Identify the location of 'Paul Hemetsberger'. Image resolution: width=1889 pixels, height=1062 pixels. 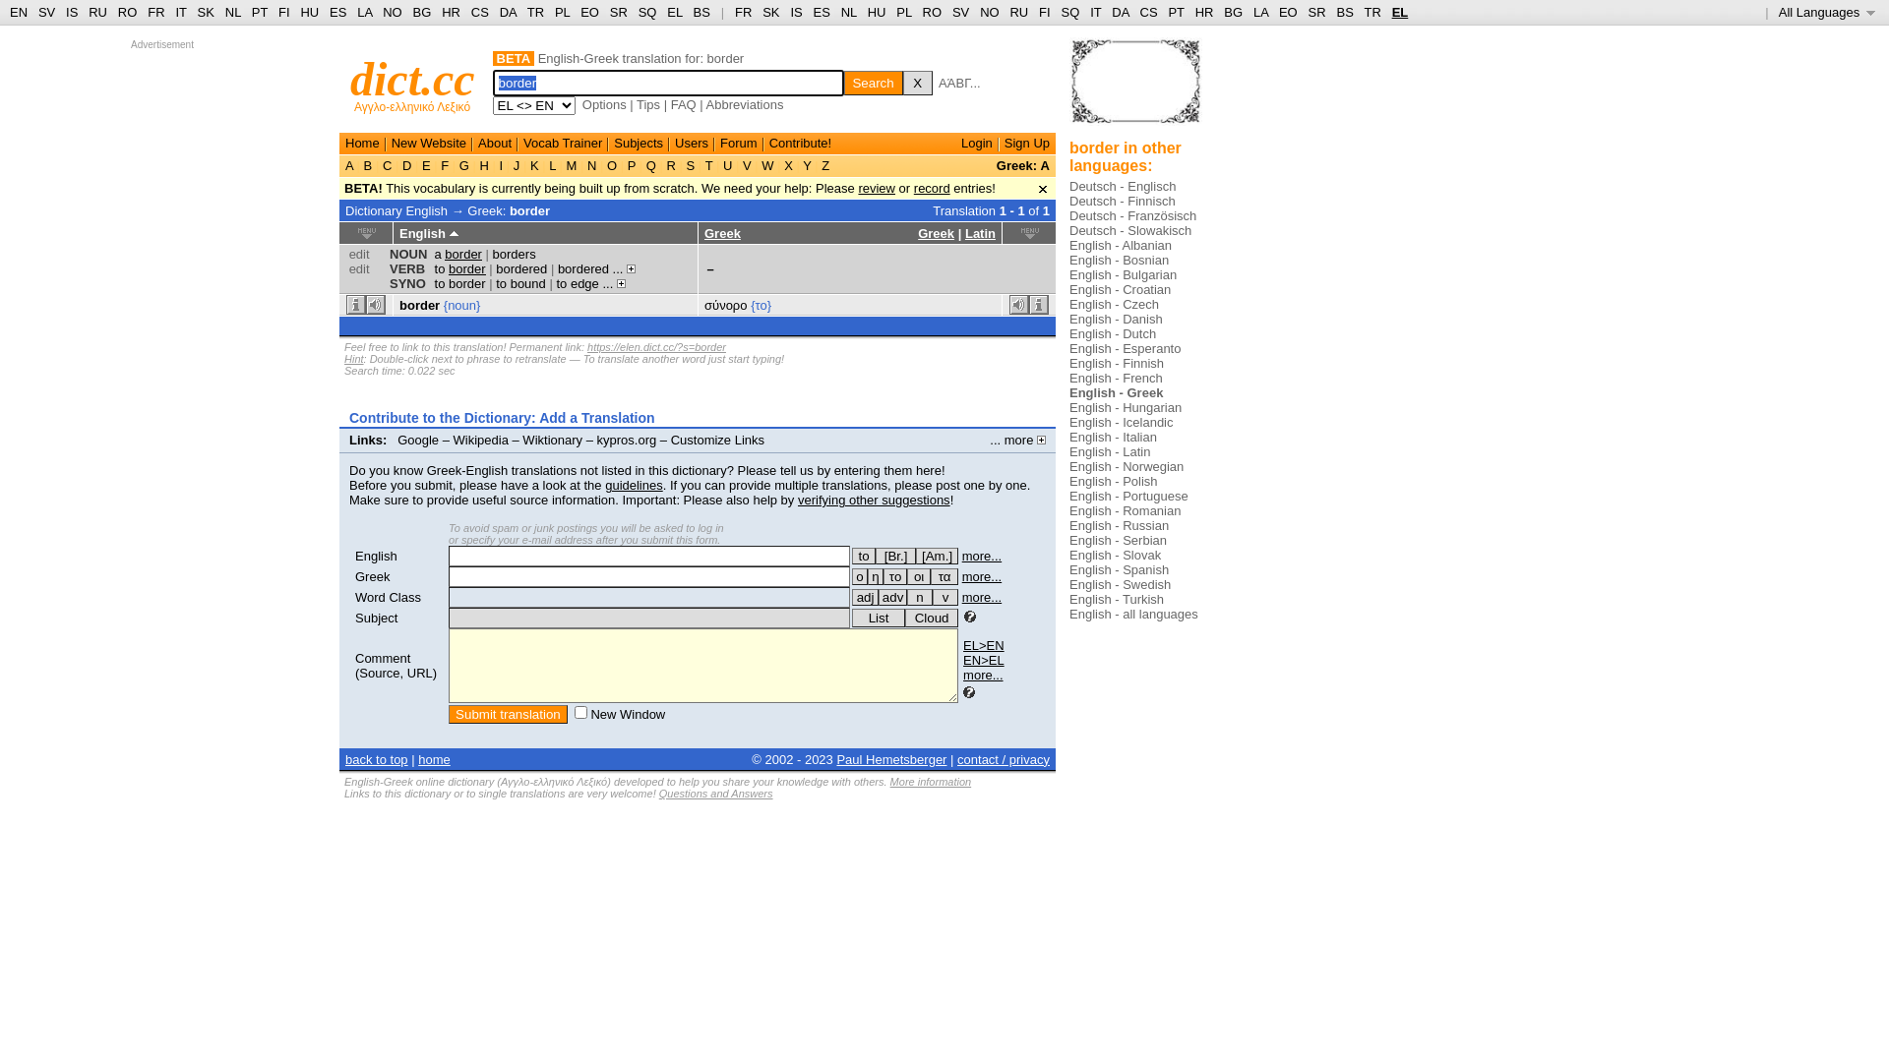
(835, 758).